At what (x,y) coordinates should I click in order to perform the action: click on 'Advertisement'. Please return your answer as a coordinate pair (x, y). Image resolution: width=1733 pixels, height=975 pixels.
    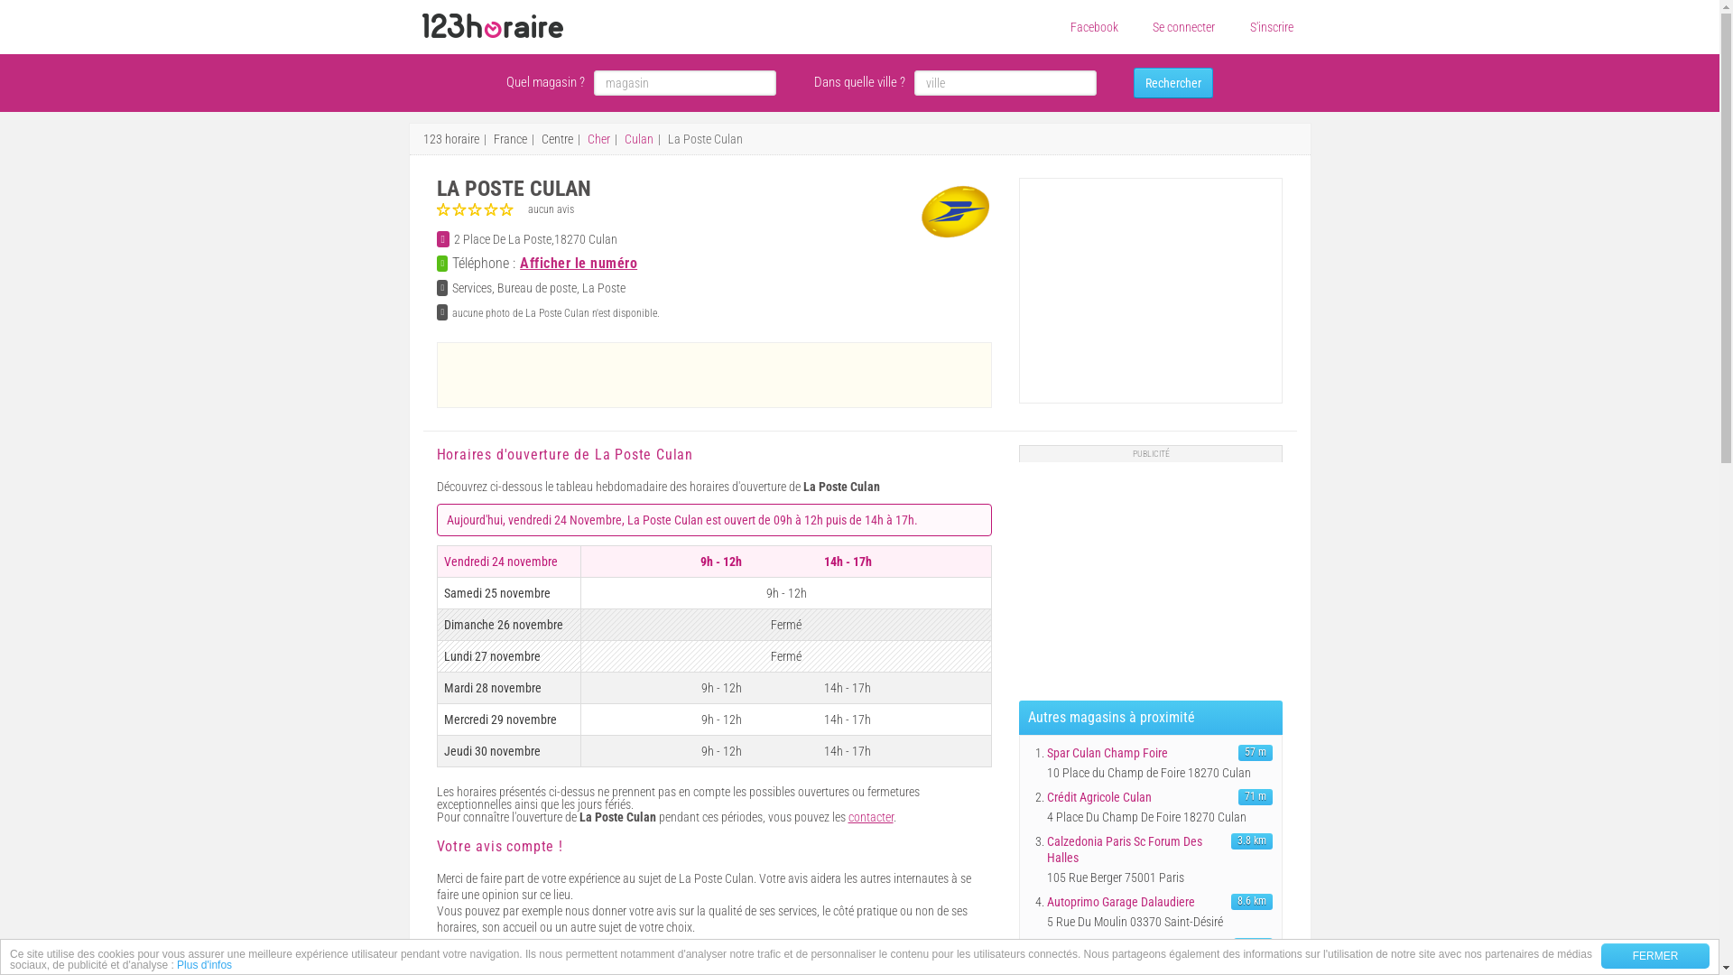
    Looking at the image, I should click on (1153, 574).